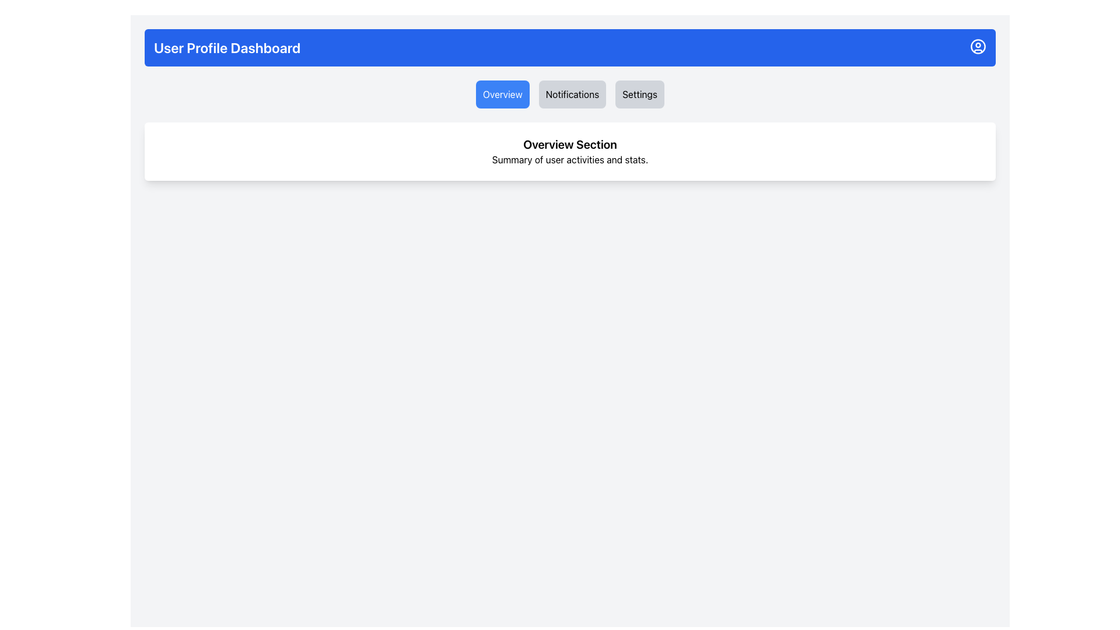  Describe the element at coordinates (572, 94) in the screenshot. I see `the second button from the left in a horizontal row of three buttons, which navigates to the 'Notifications' section of the application` at that location.